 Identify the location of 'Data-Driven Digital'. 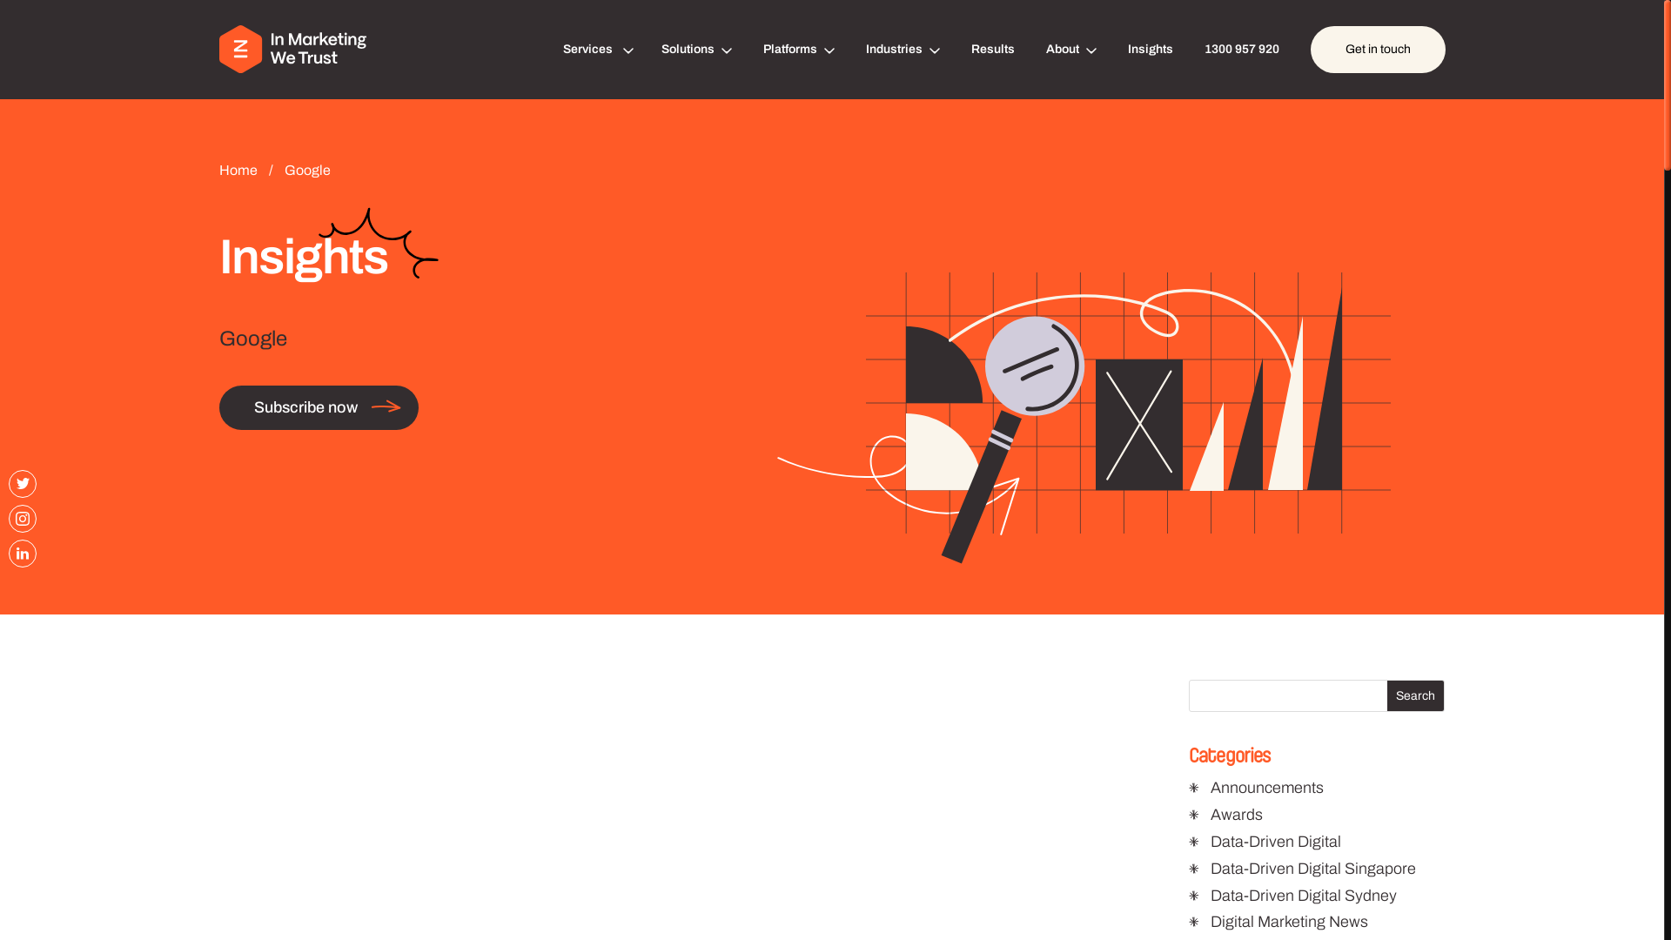
(1275, 841).